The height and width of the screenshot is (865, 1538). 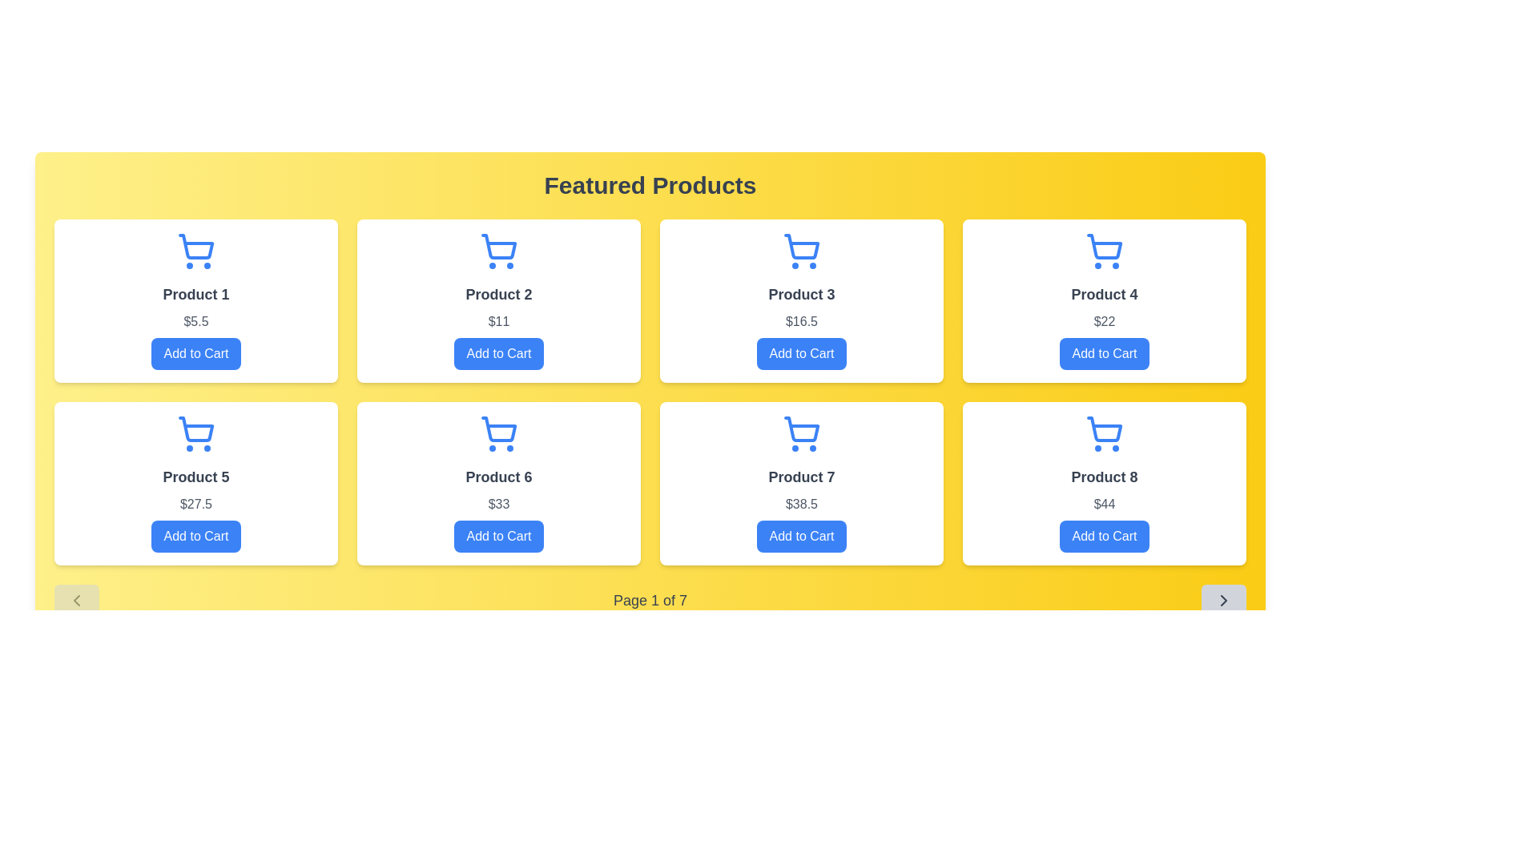 I want to click on the stylized shopping cart icon with a light blue outline, located in the grid layout of 'Product 3' above the 'Add to Cart' button, so click(x=802, y=247).